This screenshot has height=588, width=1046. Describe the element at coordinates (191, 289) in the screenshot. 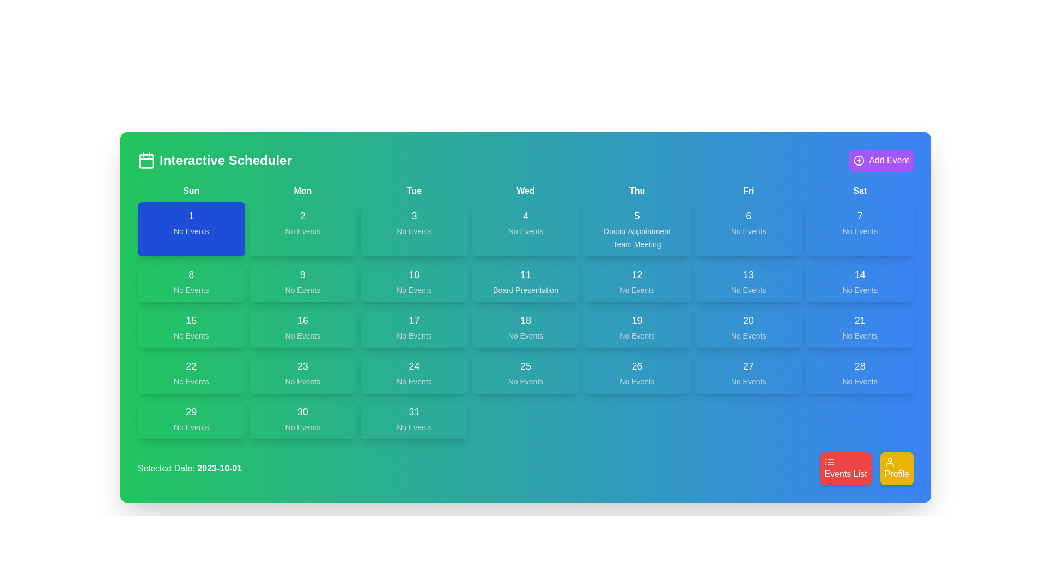

I see `the static text label indicating no scheduled events for the date, located directly beneath the number '8' in the Sunday column of the calendar grid` at that location.